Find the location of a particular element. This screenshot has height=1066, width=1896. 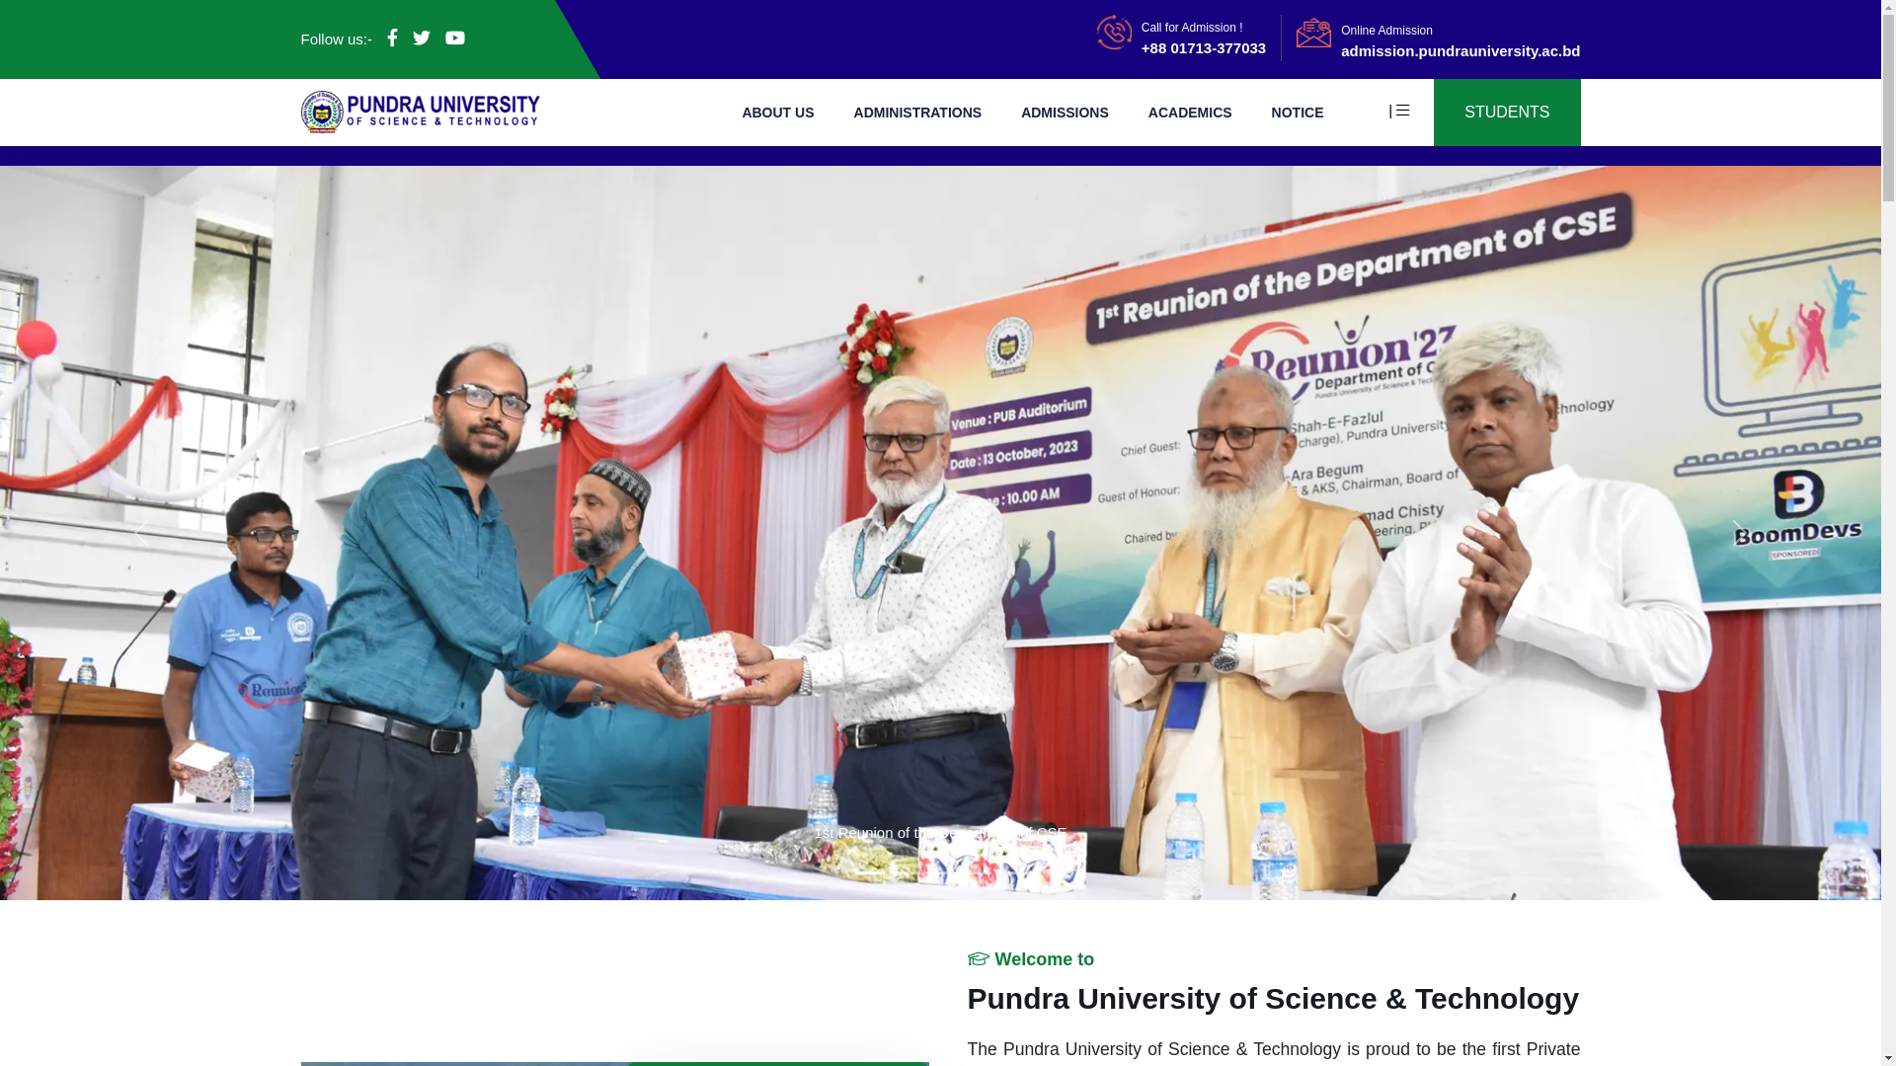

'Facebook' is located at coordinates (392, 38).